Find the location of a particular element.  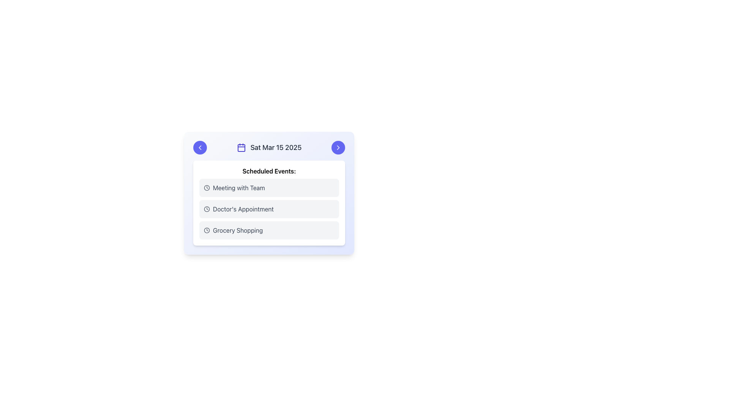

text content of the bold text label that says 'Scheduled Events:', located beneath the date heading within a white card interface is located at coordinates (269, 171).